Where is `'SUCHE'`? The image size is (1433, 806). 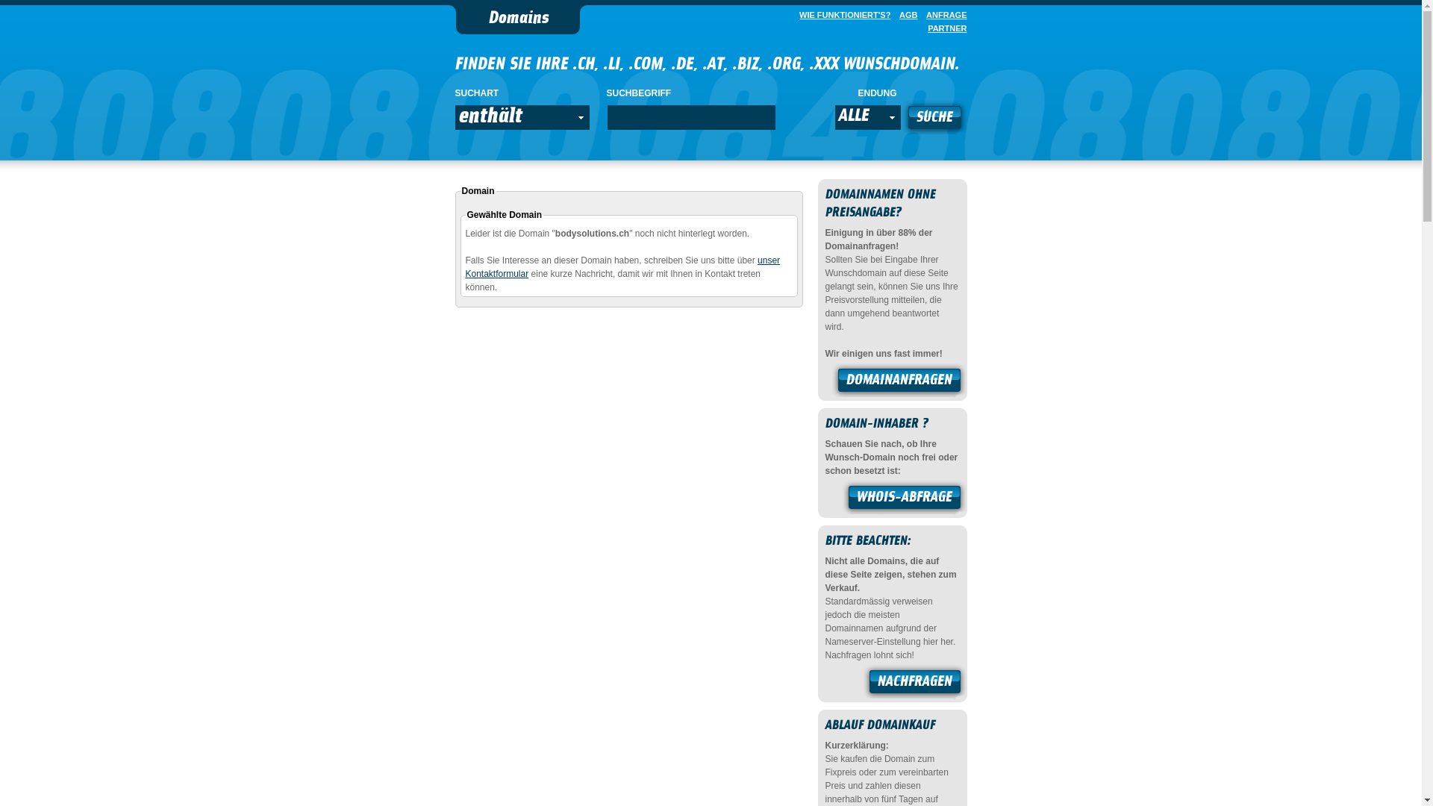
'SUCHE' is located at coordinates (901, 118).